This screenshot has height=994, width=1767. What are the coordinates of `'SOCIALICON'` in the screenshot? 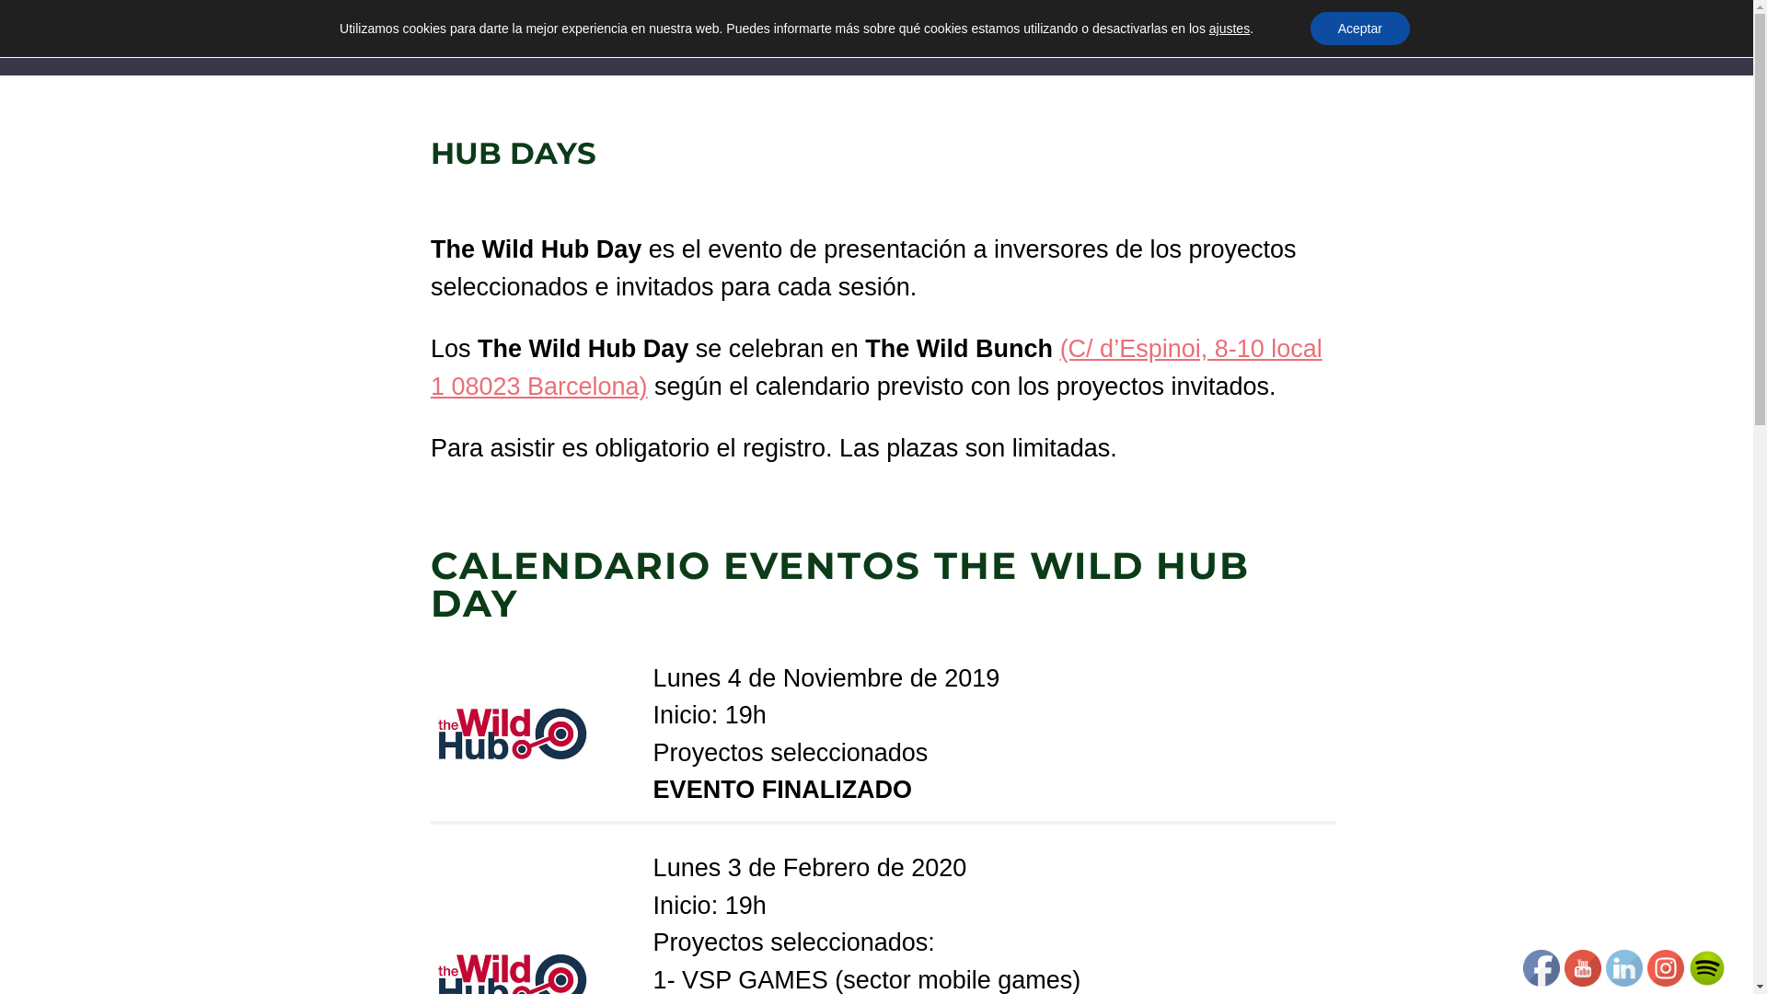 It's located at (1705, 967).